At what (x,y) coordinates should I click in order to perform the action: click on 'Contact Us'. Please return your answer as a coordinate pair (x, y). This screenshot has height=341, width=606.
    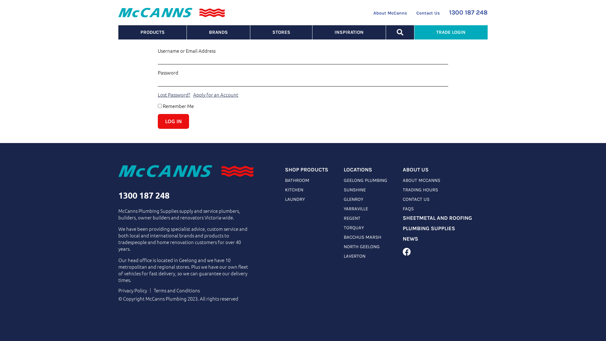
    Looking at the image, I should click on (416, 13).